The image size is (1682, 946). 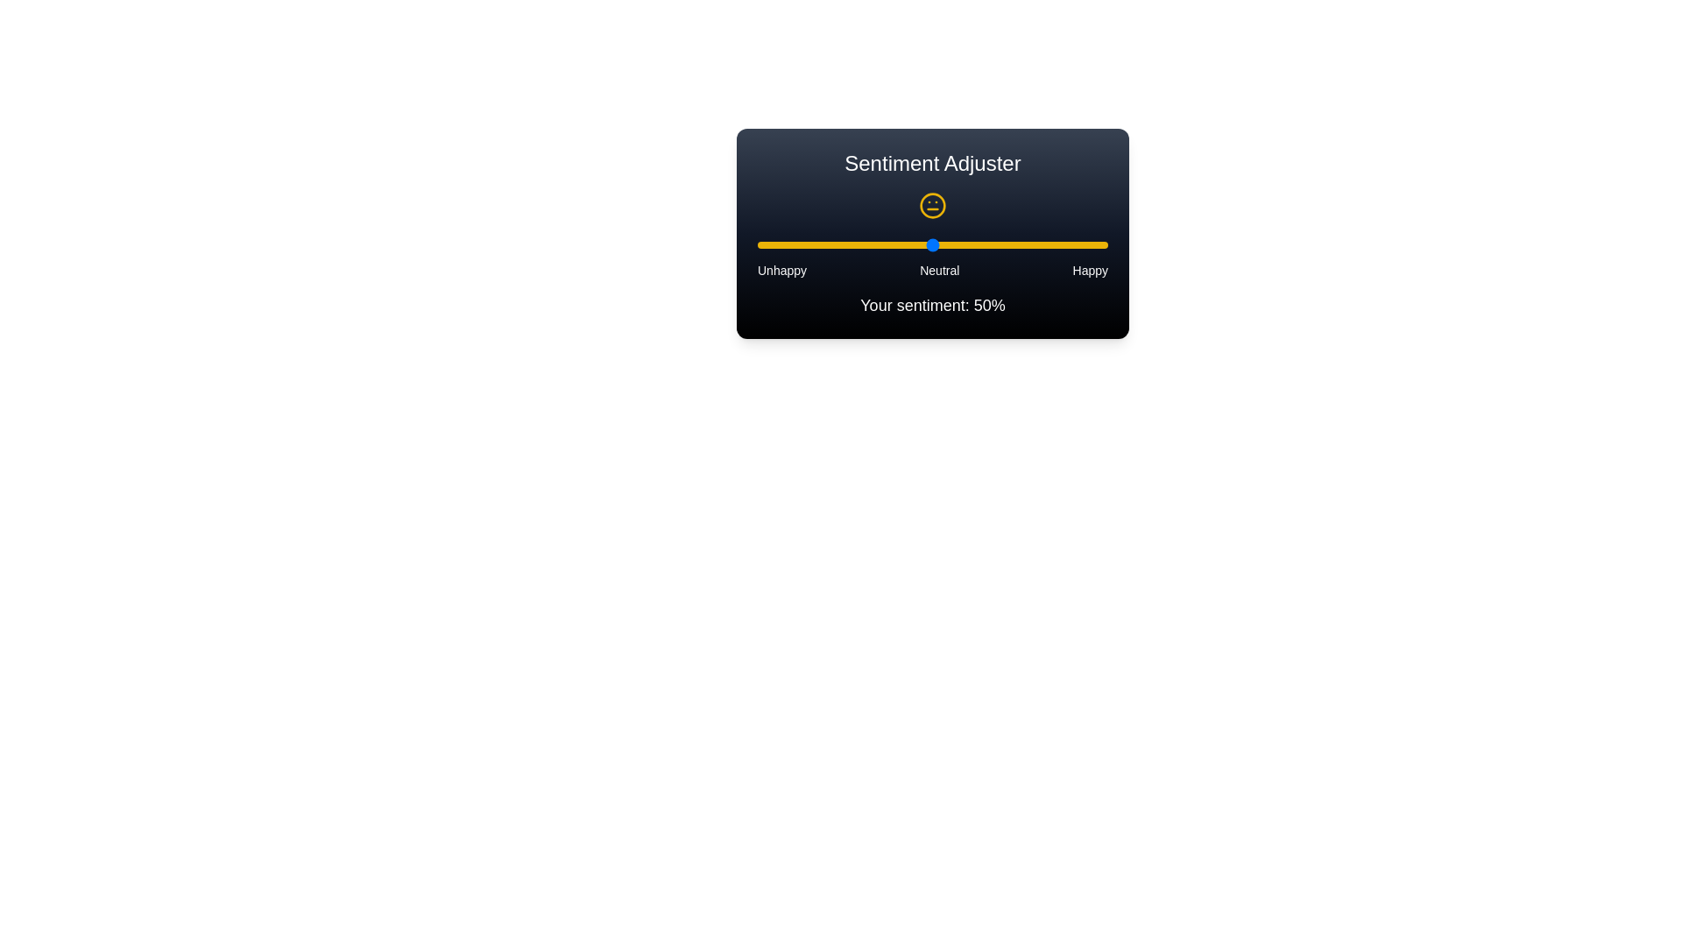 What do you see at coordinates (949, 245) in the screenshot?
I see `the slider to set the sentiment value to 55` at bounding box center [949, 245].